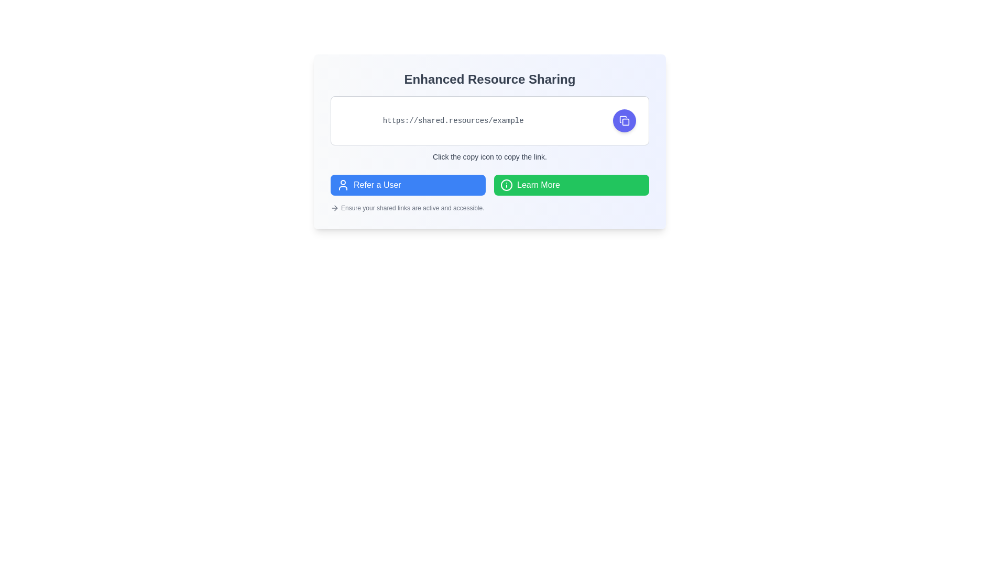 The height and width of the screenshot is (565, 1006). I want to click on the rectangular Graphic SVG component with rounded corners located within the 'lucide-copy' icon in the toolbar on the far-right side, so click(626, 121).